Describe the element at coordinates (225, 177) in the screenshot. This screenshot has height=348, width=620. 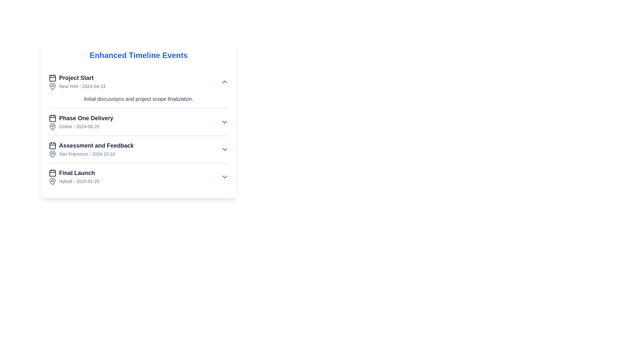
I see `the blue downward-pointing chevron arrow icon indicating a dropdown or expandable section control, located at the far-right side of the 'Final Launch Hybrid - 2025-01-25' item` at that location.